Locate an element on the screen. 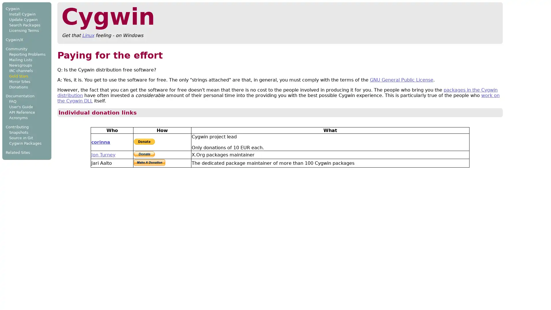 The image size is (551, 310). PayPal - The safer, easier way to pay online! is located at coordinates (144, 141).